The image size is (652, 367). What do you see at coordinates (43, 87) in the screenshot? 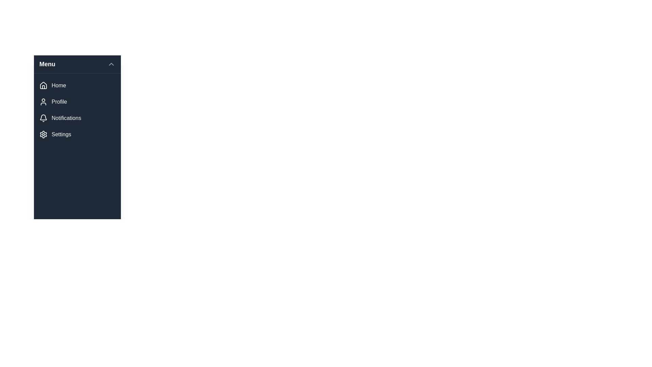
I see `the door icon of the house located in the vertical sidebar menu next to the 'Home' label` at bounding box center [43, 87].